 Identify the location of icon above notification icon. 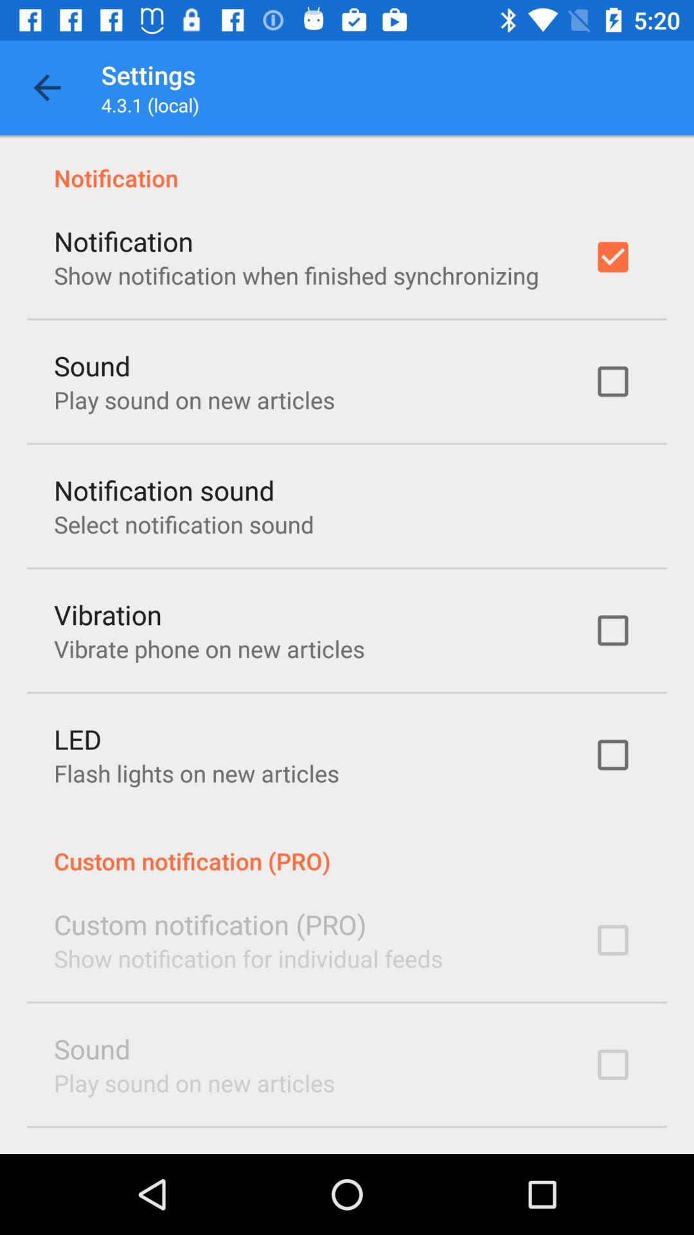
(46, 87).